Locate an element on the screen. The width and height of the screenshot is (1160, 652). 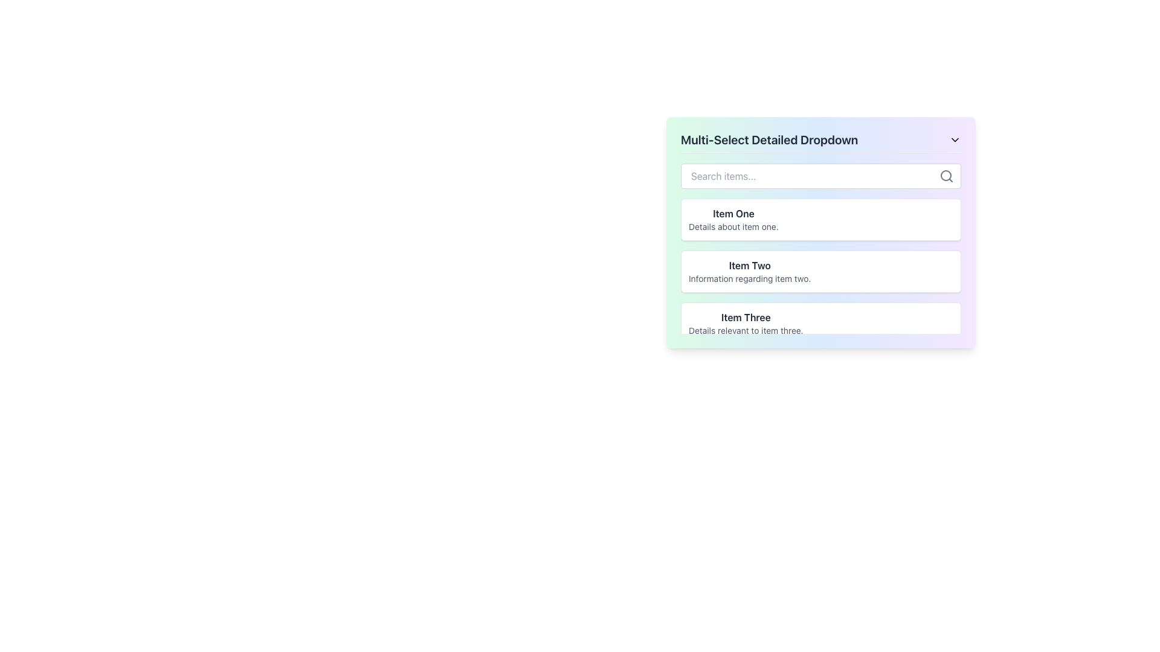
the second item in the interactive list, which has a white background and rounded borders, located centrally within the dropdown overlay below the search bar is located at coordinates (820, 298).